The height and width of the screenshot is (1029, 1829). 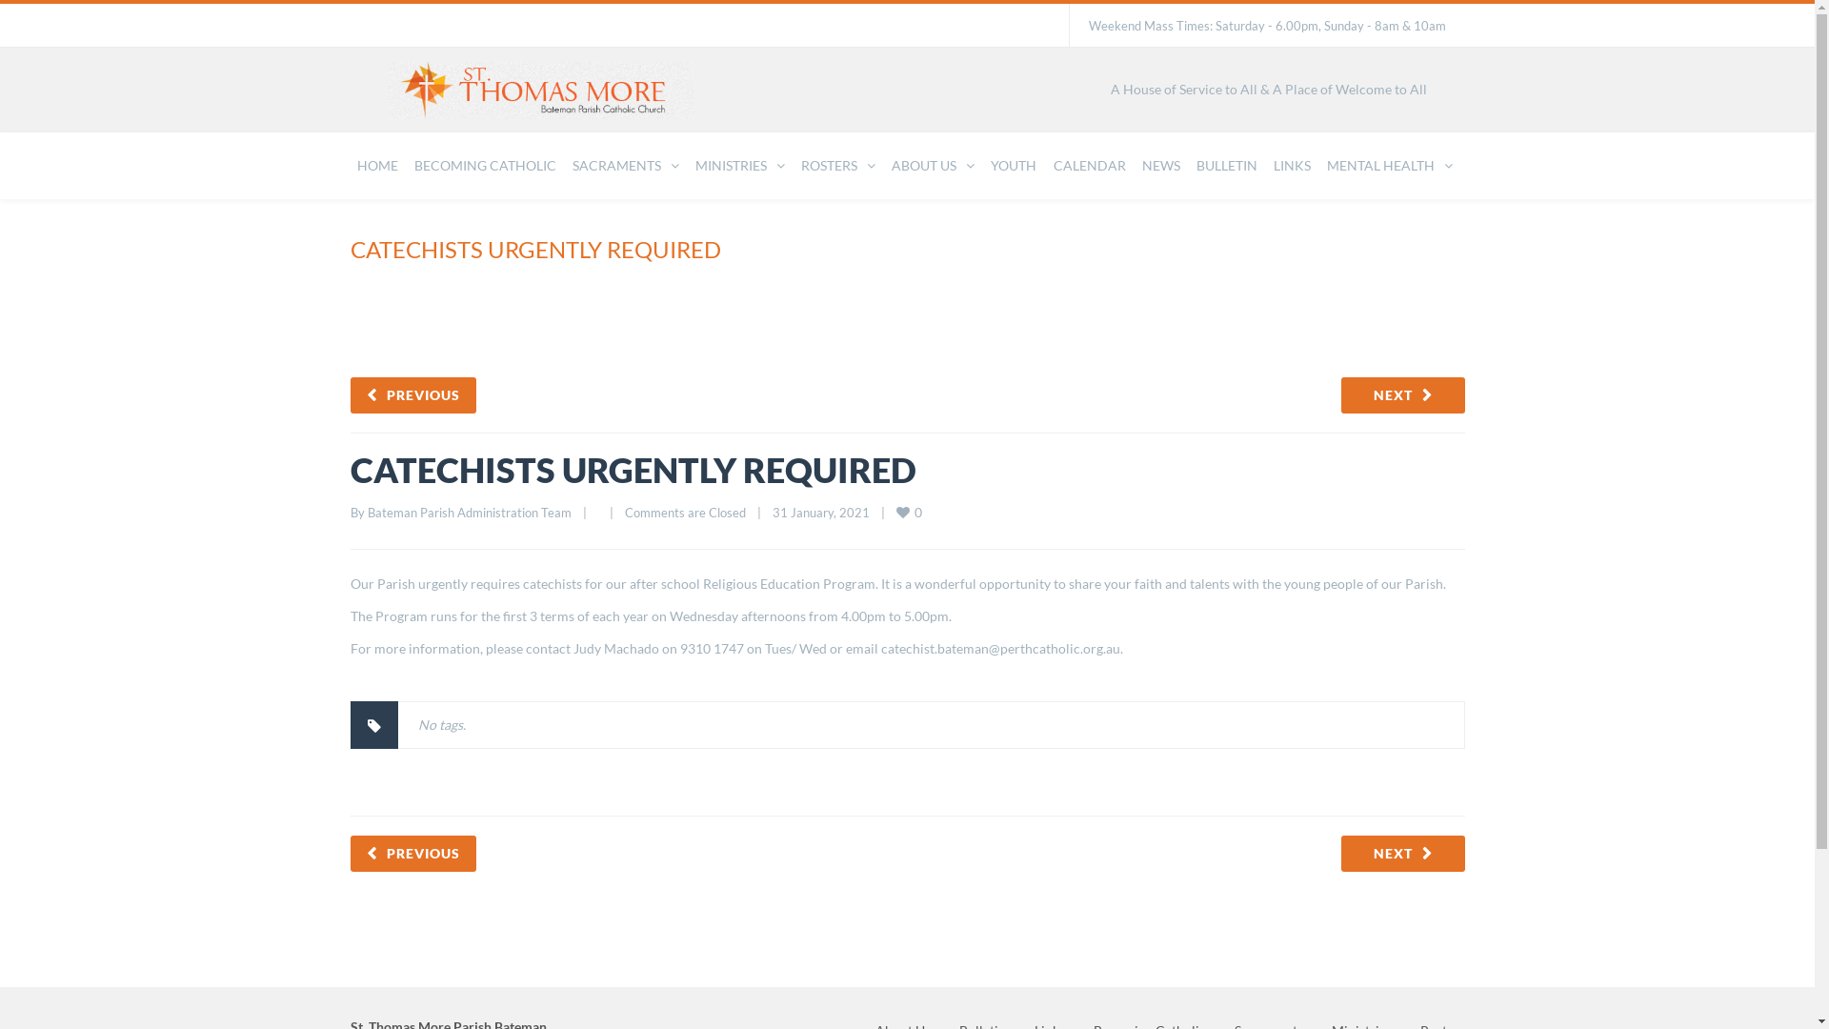 What do you see at coordinates (1339, 852) in the screenshot?
I see `'NEXT'` at bounding box center [1339, 852].